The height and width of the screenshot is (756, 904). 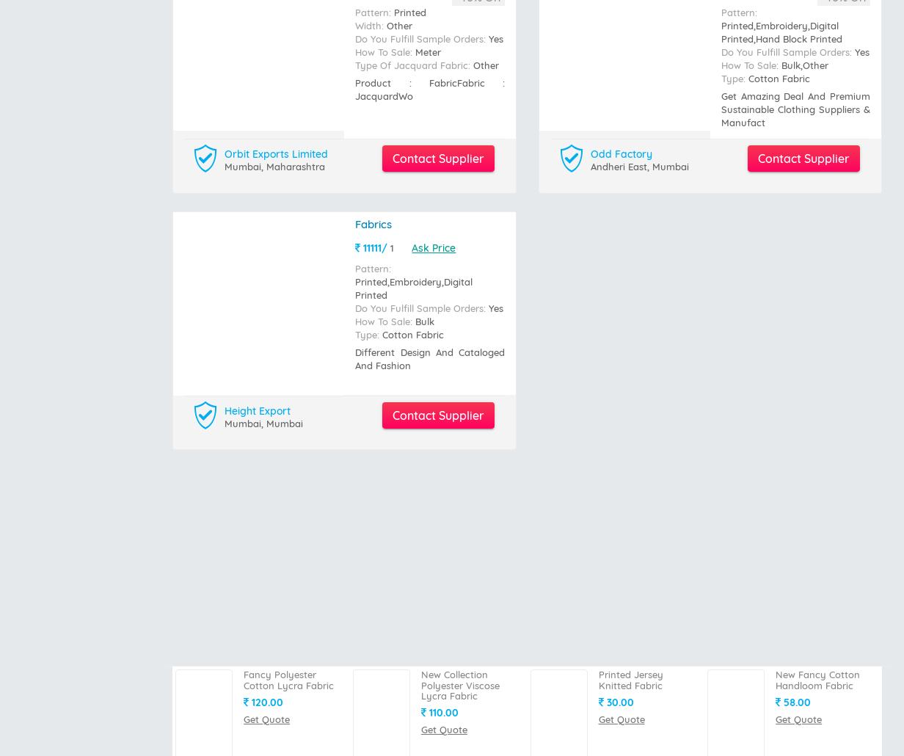 What do you see at coordinates (256, 99) in the screenshot?
I see `'surat, gujarat'` at bounding box center [256, 99].